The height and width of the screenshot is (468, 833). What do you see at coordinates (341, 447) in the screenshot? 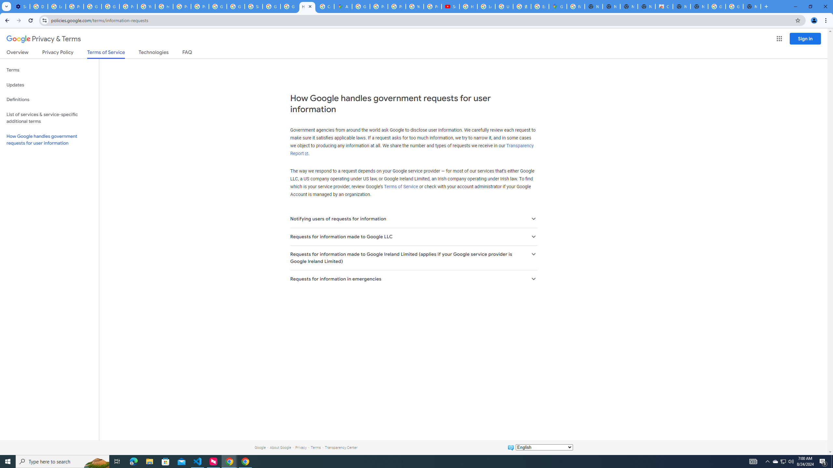
I see `'Transparency Center'` at bounding box center [341, 447].